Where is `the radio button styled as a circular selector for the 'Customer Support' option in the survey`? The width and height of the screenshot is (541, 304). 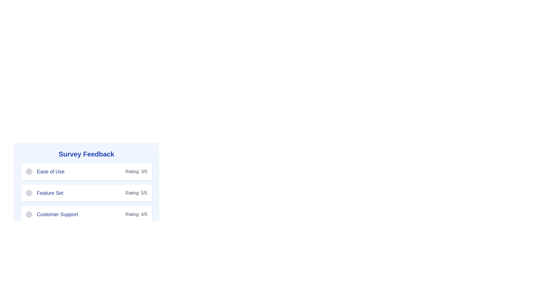
the radio button styled as a circular selector for the 'Customer Support' option in the survey is located at coordinates (28, 214).